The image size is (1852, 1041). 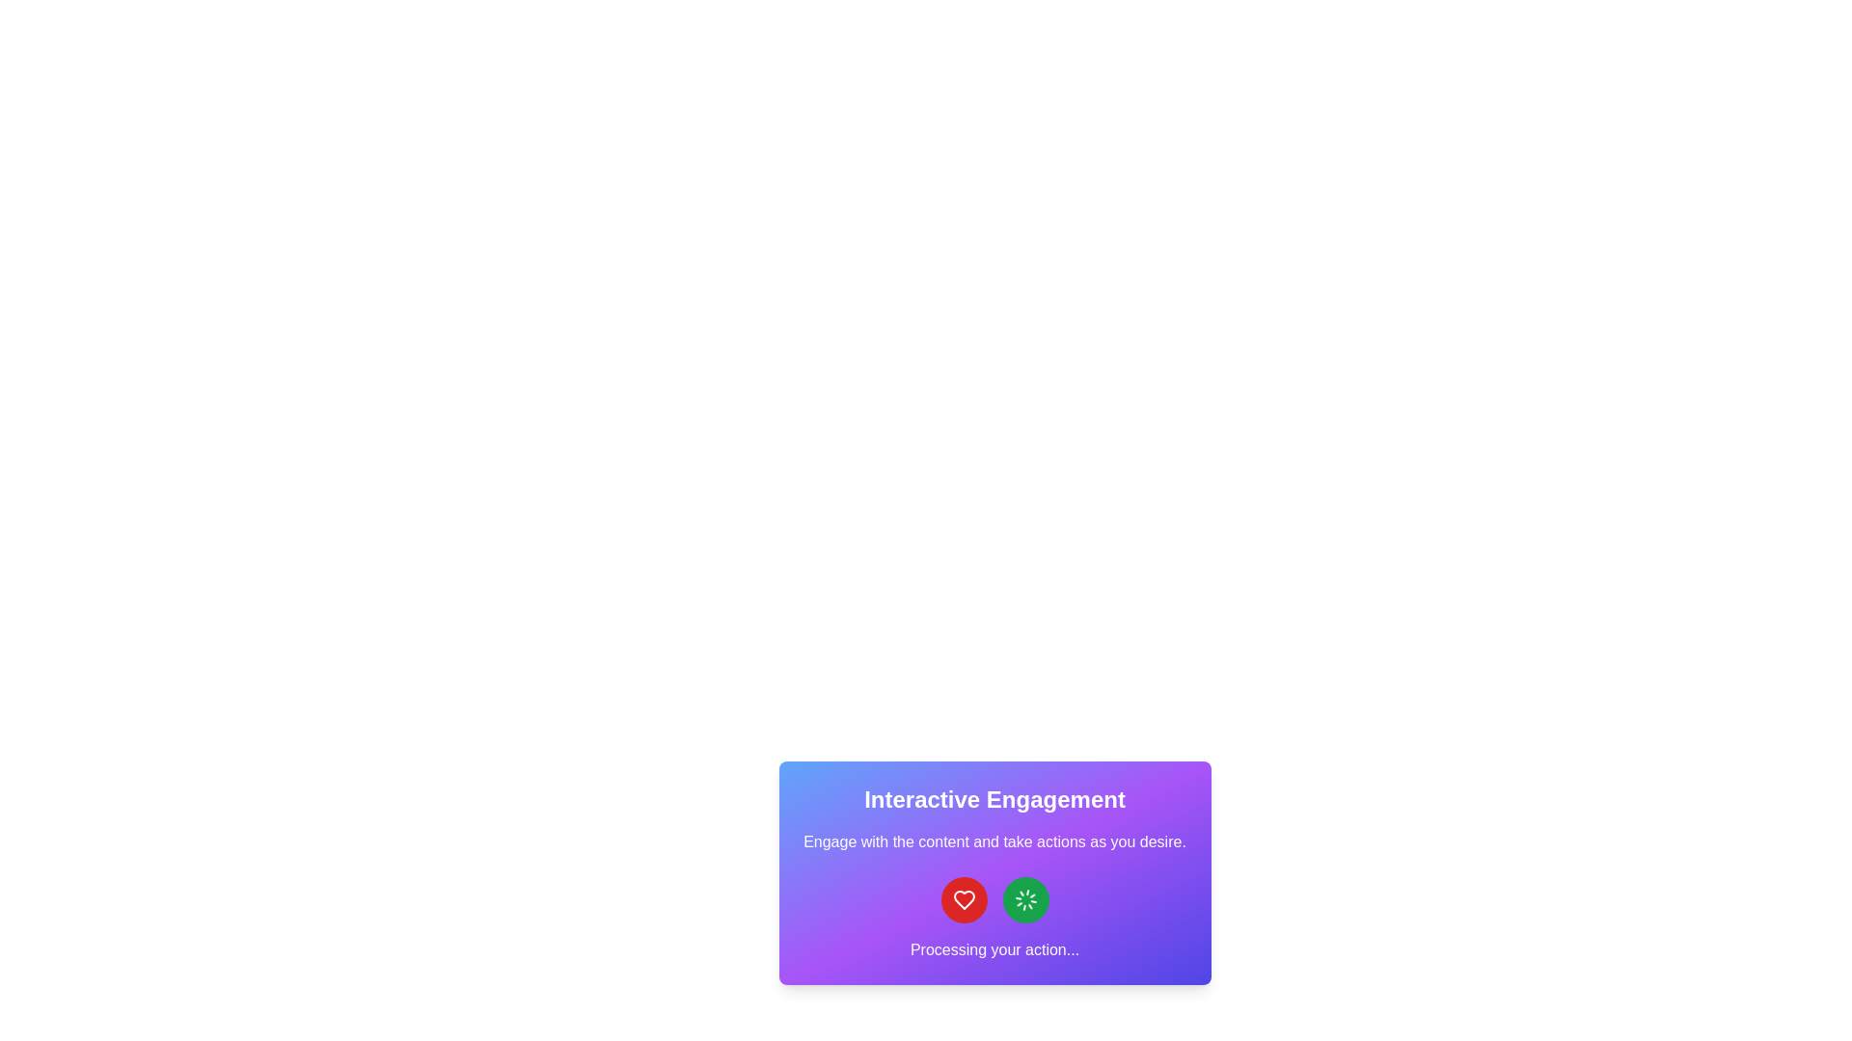 I want to click on the second button located to the immediate right of a red button, which indicates a loading process or ongoing action, so click(x=1024, y=899).